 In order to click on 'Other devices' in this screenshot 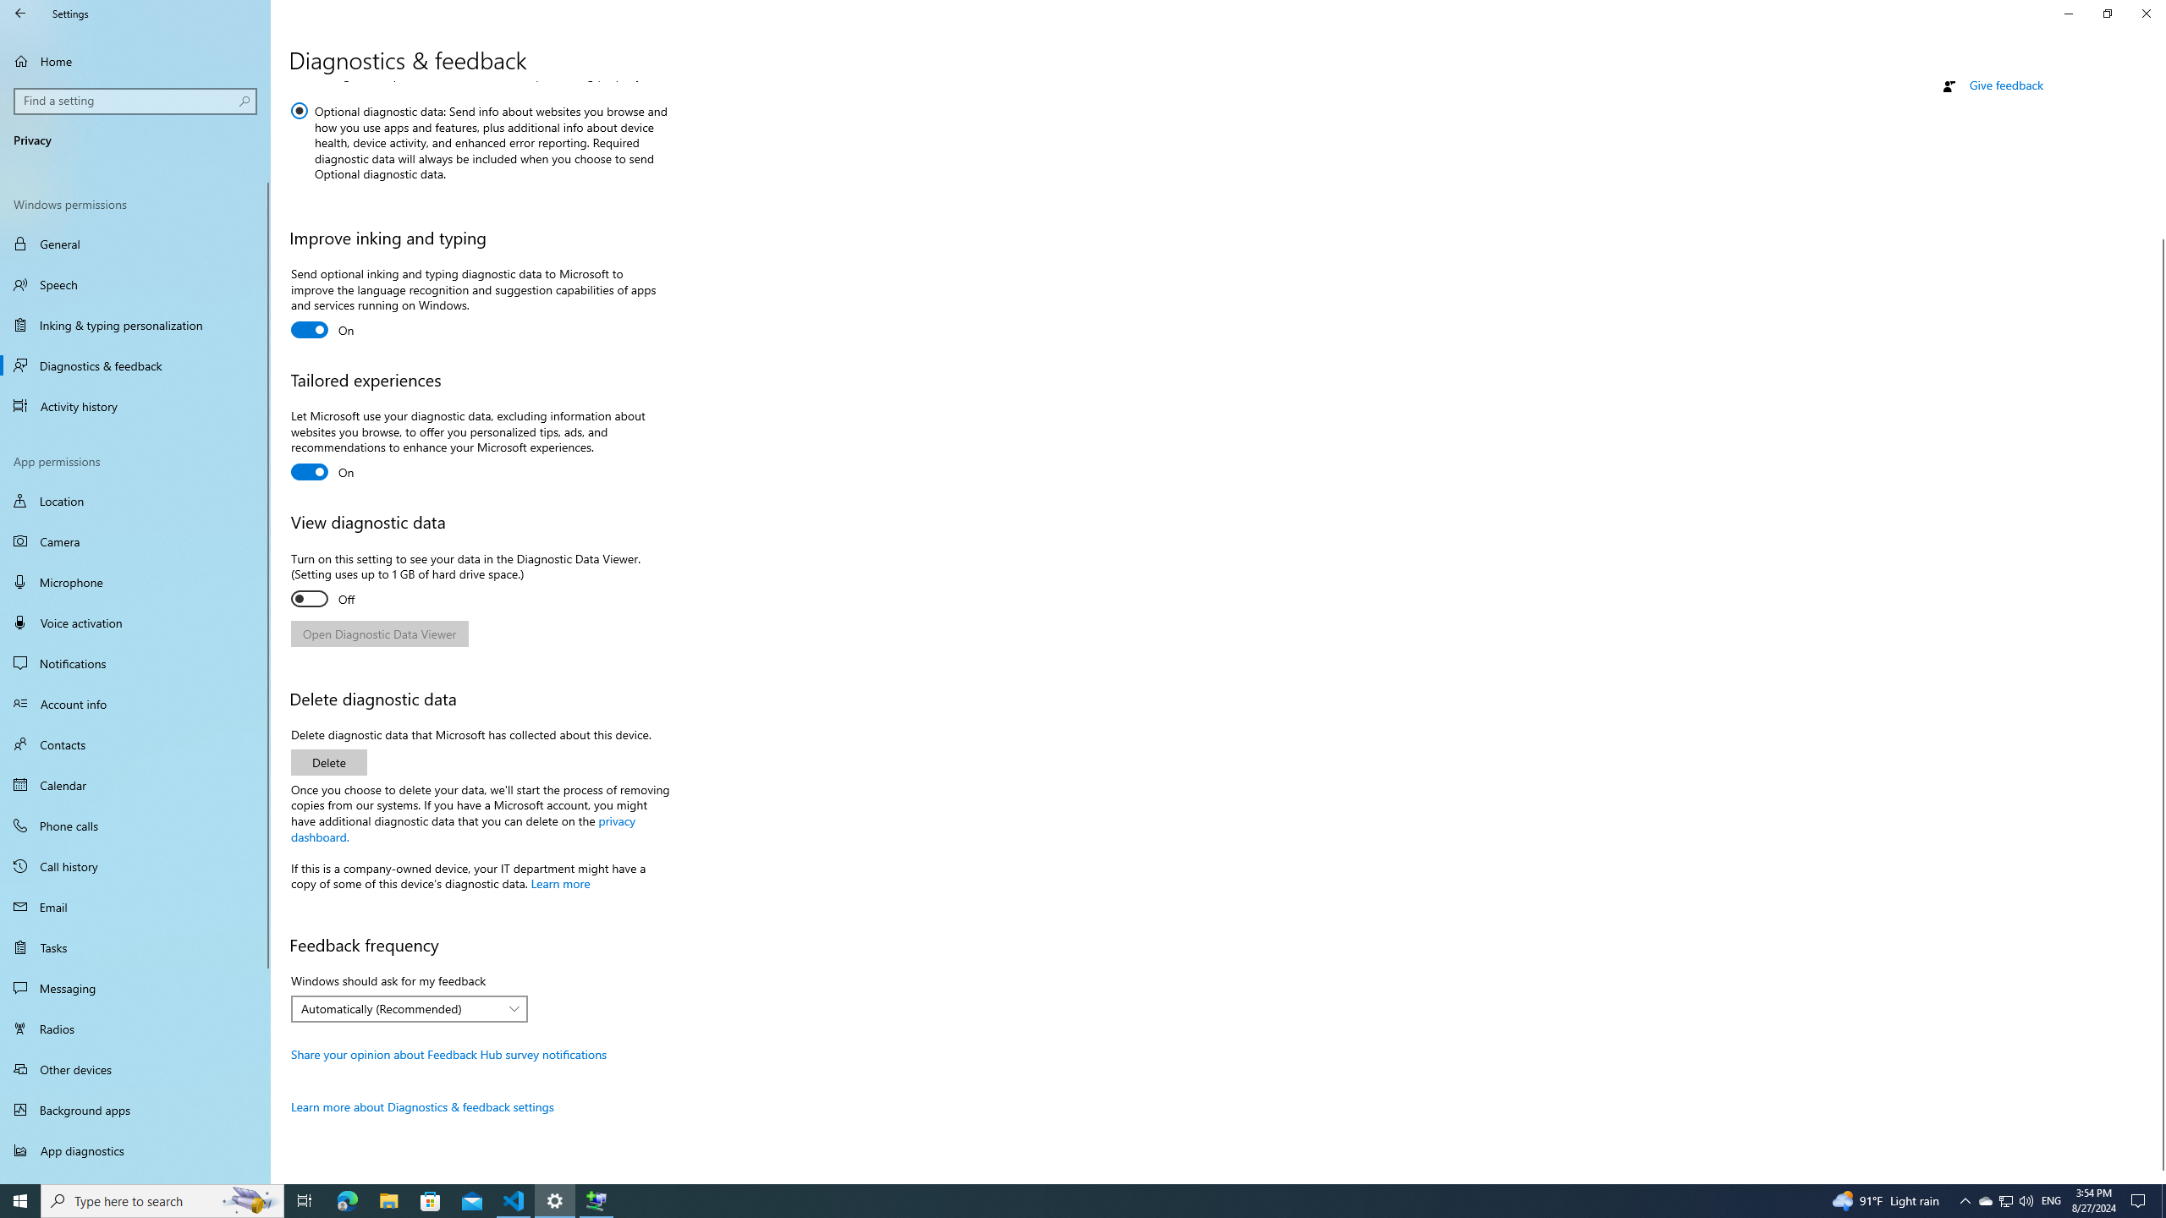, I will do `click(135, 1068)`.